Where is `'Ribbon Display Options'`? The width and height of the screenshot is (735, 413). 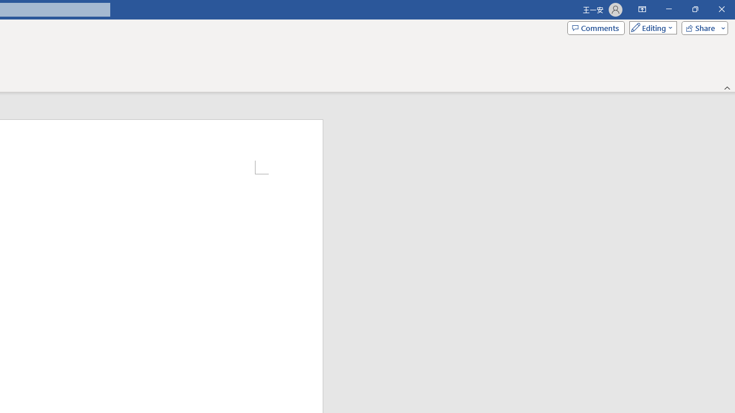
'Ribbon Display Options' is located at coordinates (641, 9).